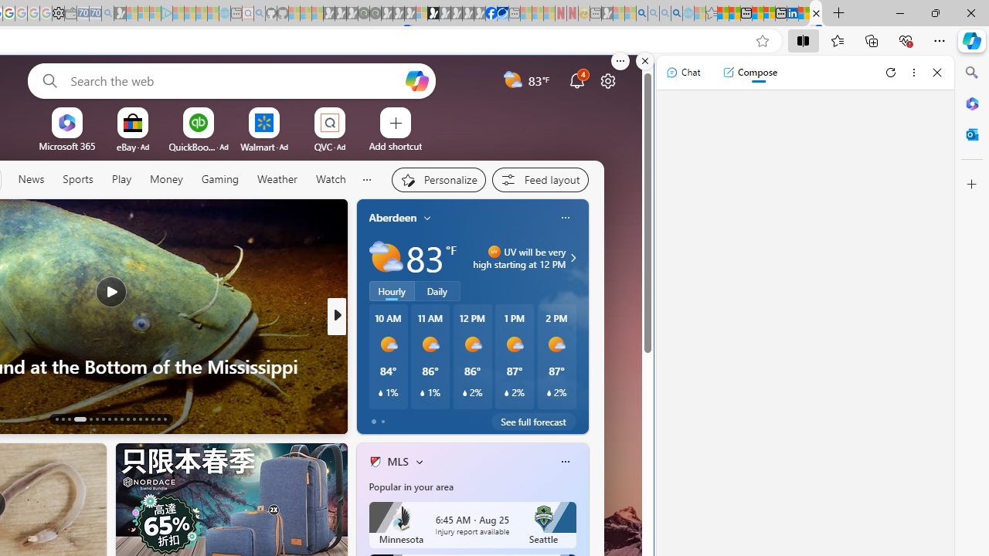  Describe the element at coordinates (437, 291) in the screenshot. I see `'Daily'` at that location.